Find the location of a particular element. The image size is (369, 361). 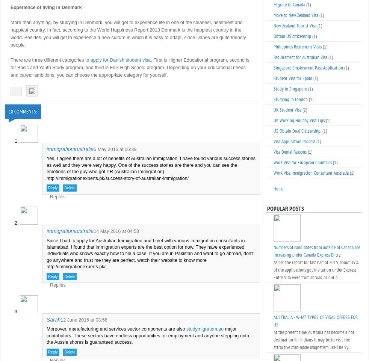

'Studying in London' is located at coordinates (290, 99).